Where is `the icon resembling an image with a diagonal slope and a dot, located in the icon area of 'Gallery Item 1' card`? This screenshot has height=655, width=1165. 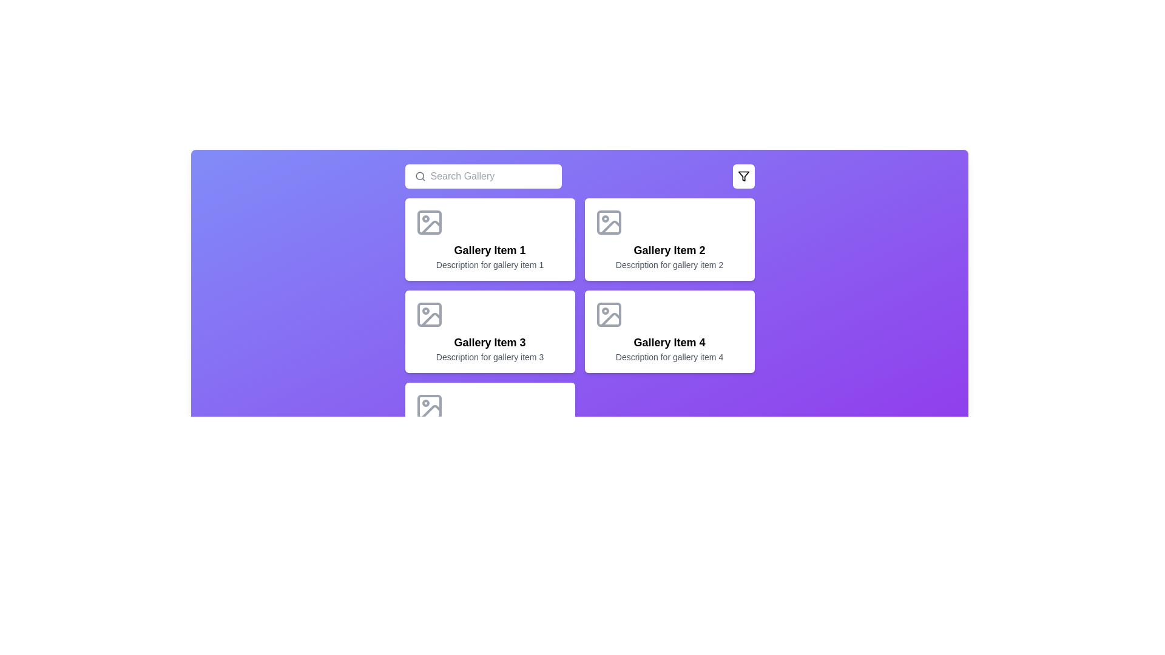 the icon resembling an image with a diagonal slope and a dot, located in the icon area of 'Gallery Item 1' card is located at coordinates (431, 227).